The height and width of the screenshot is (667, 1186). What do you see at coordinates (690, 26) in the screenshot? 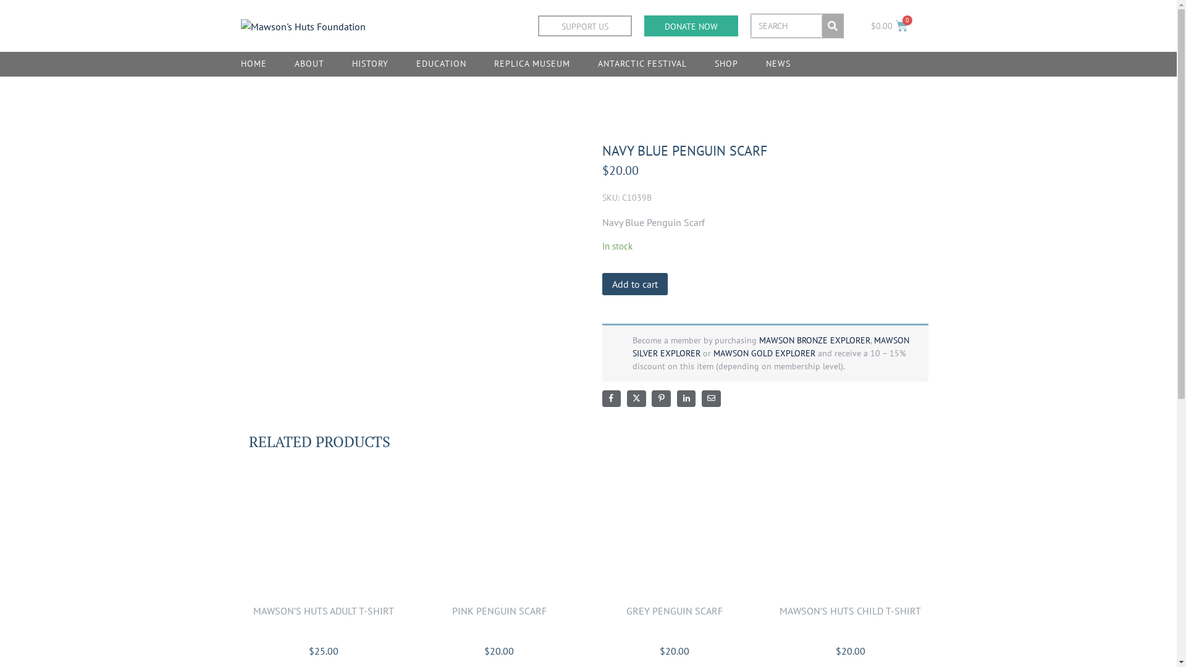
I see `'DONATE NOW'` at bounding box center [690, 26].